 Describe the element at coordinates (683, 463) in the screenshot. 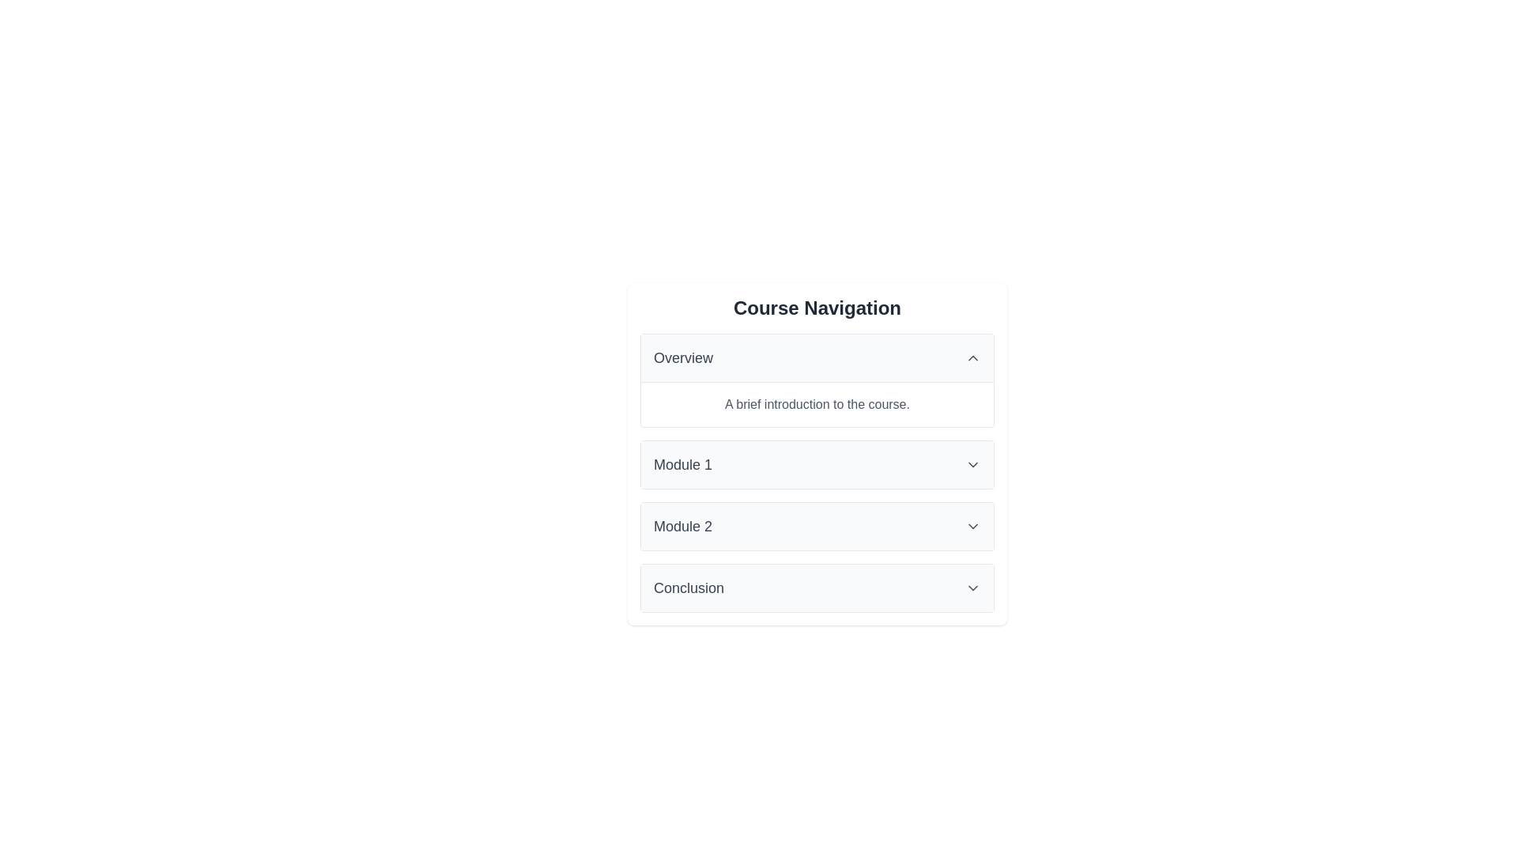

I see `the label or text heading for the 'Module 1' section in the Course Navigation menu` at that location.